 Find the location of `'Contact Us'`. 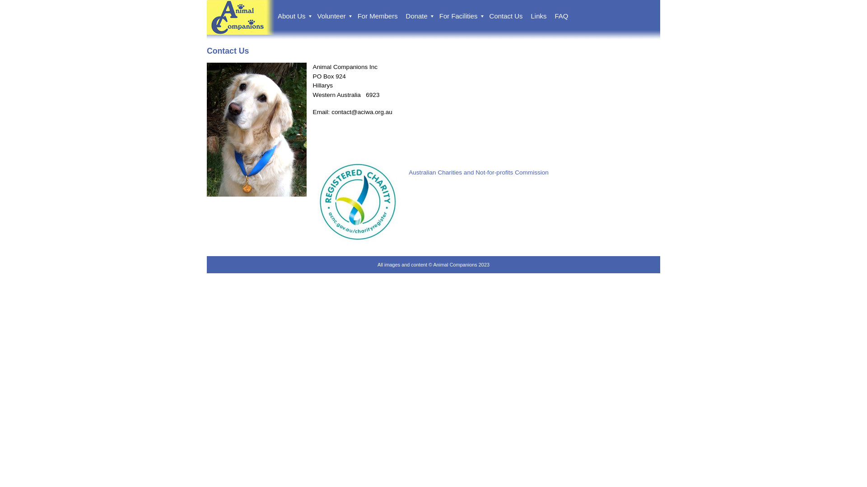

'Contact Us' is located at coordinates (507, 16).